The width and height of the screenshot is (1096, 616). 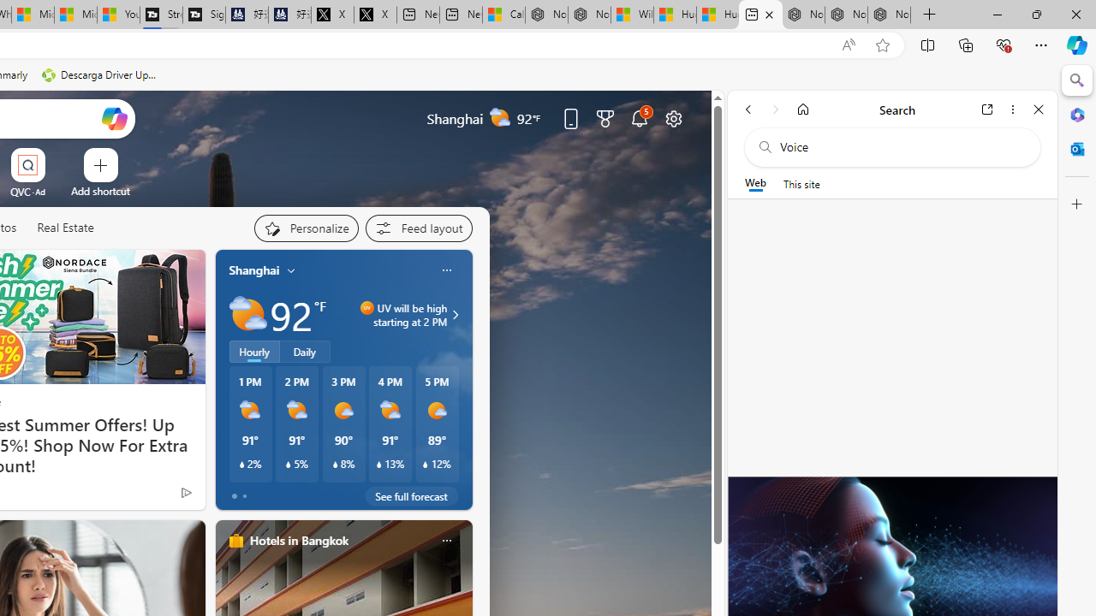 I want to click on 'UV will be high starting at 2 PM', so click(x=453, y=314).